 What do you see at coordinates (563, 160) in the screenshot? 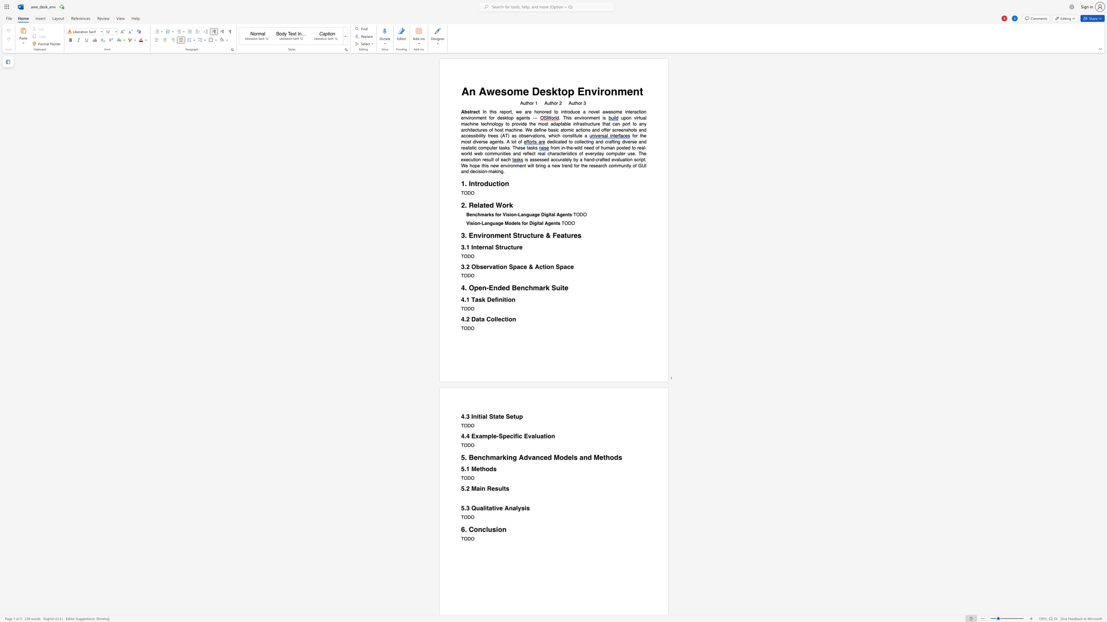
I see `the 3th character "a" in the text` at bounding box center [563, 160].